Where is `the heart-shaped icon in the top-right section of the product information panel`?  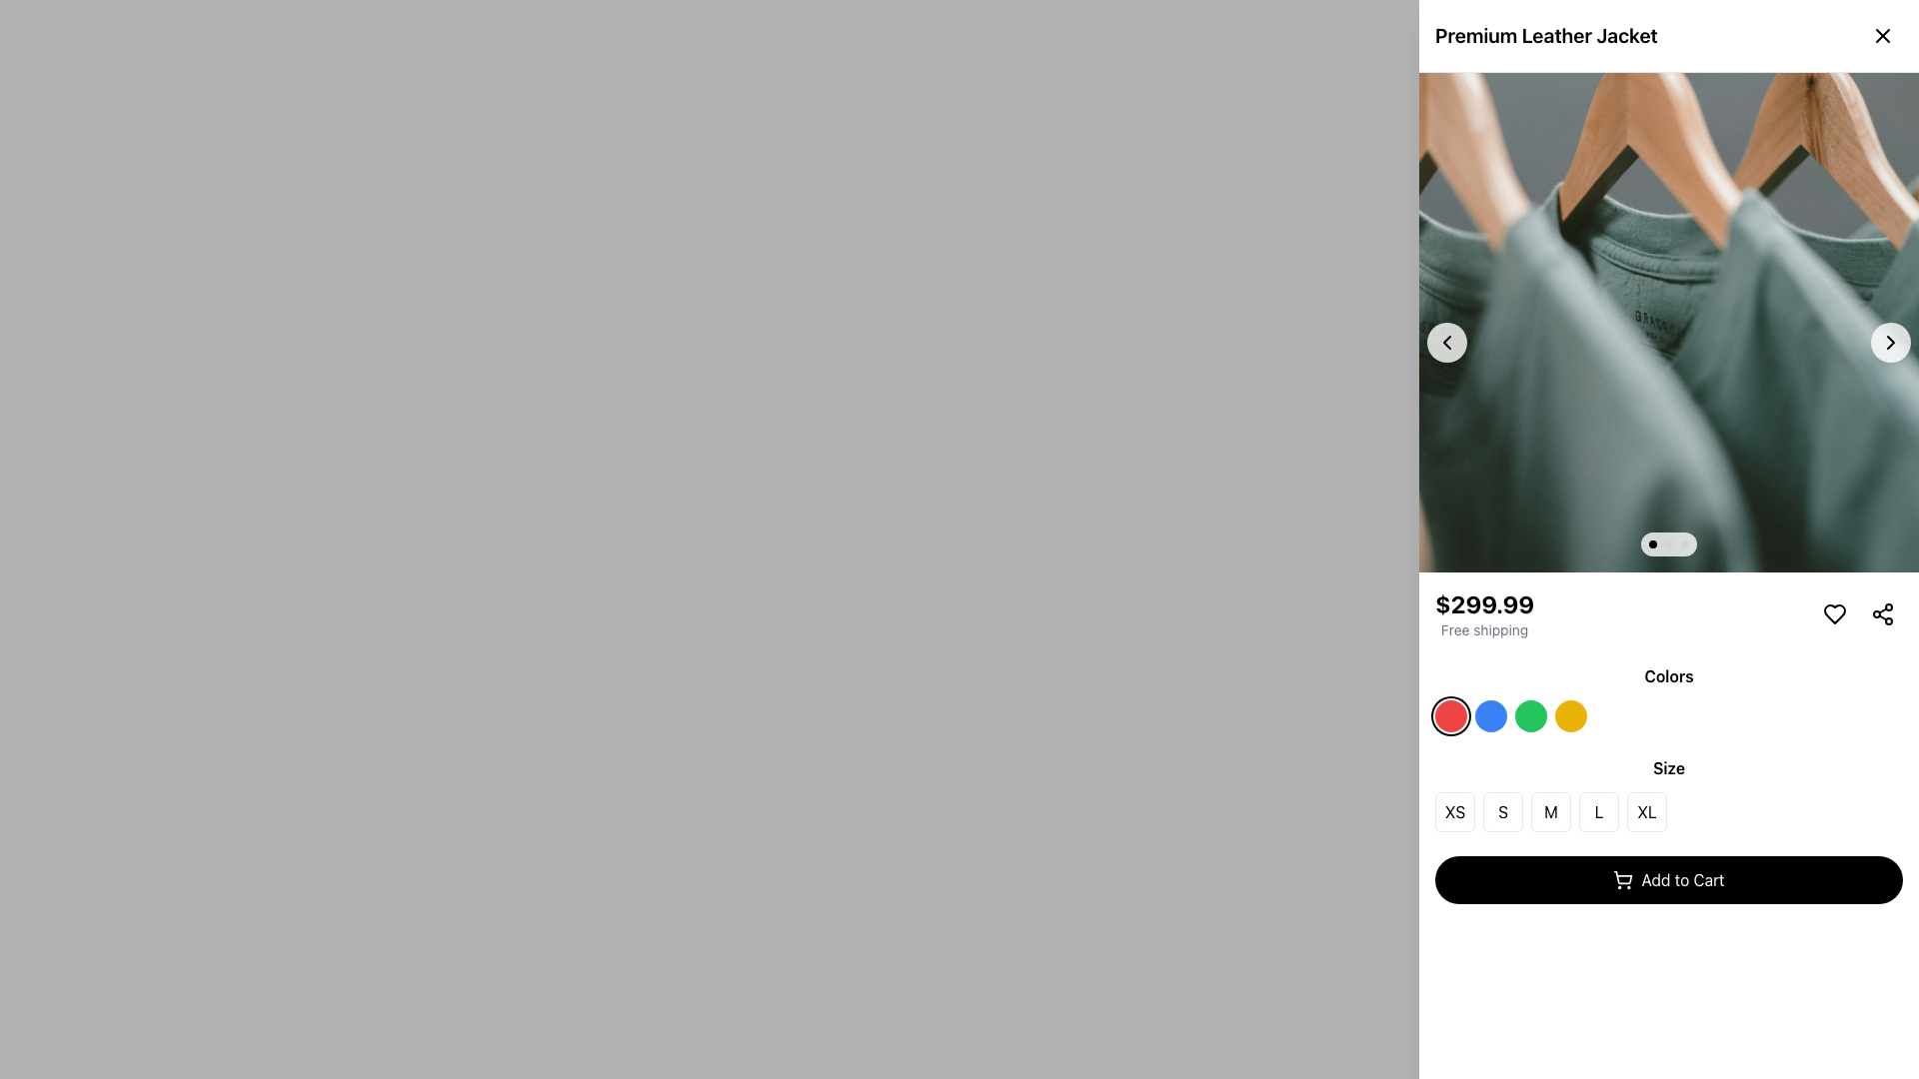
the heart-shaped icon in the top-right section of the product information panel is located at coordinates (1835, 612).